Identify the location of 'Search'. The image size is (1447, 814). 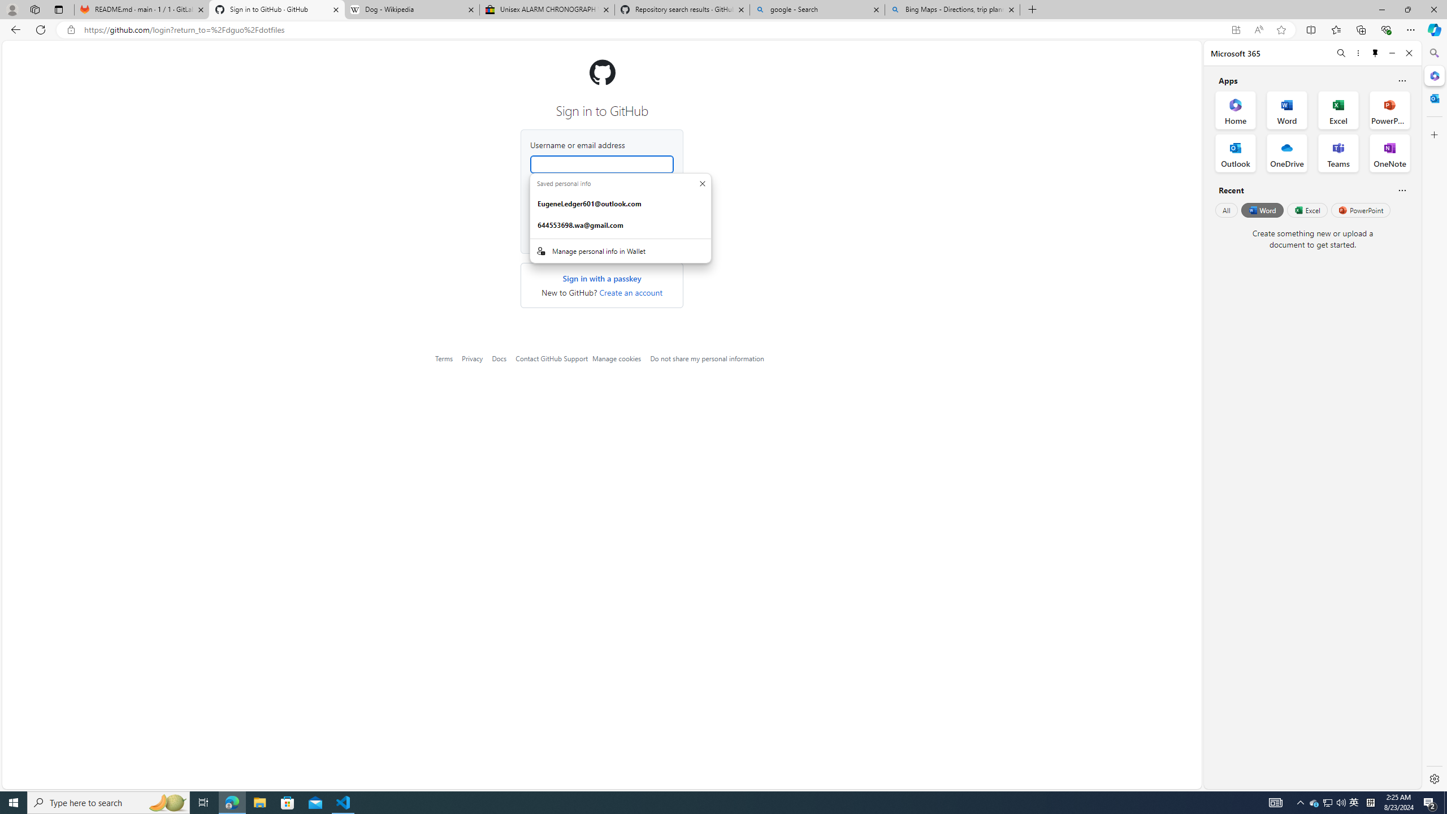
(1433, 53).